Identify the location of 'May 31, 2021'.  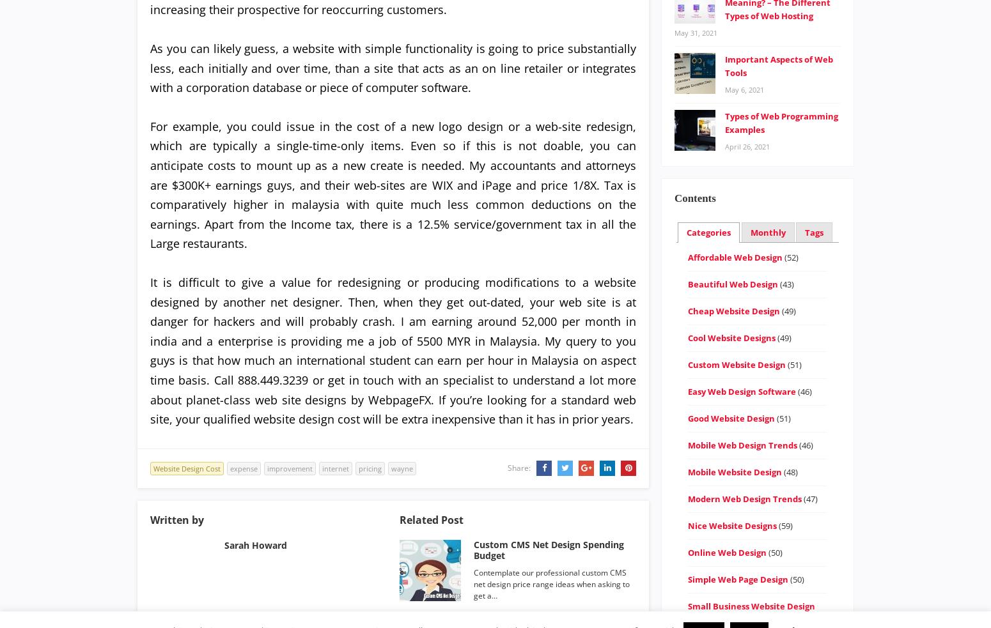
(695, 31).